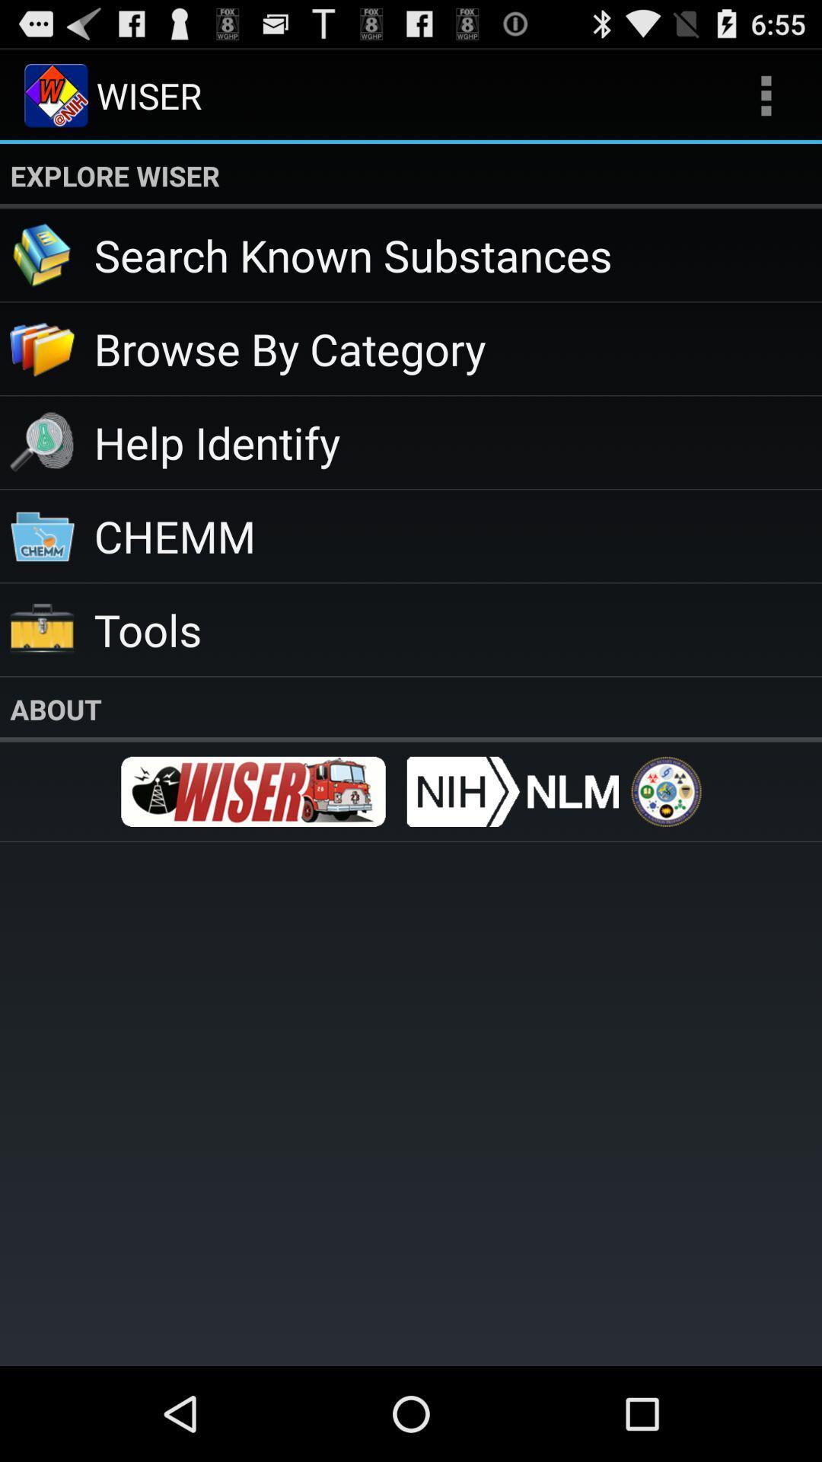 This screenshot has width=822, height=1462. What do you see at coordinates (665, 791) in the screenshot?
I see `item below about item` at bounding box center [665, 791].